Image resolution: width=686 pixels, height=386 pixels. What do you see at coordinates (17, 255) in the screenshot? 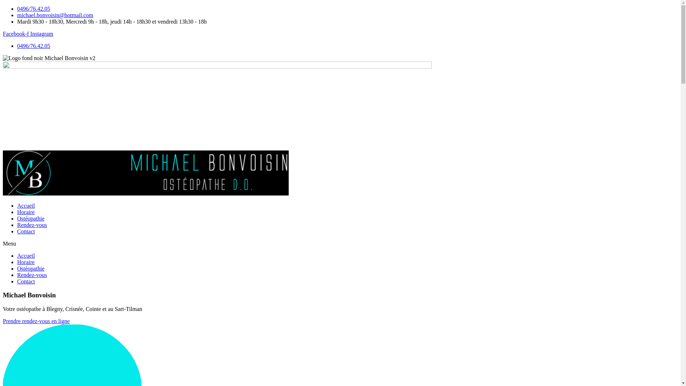
I see `'Accueil'` at bounding box center [17, 255].